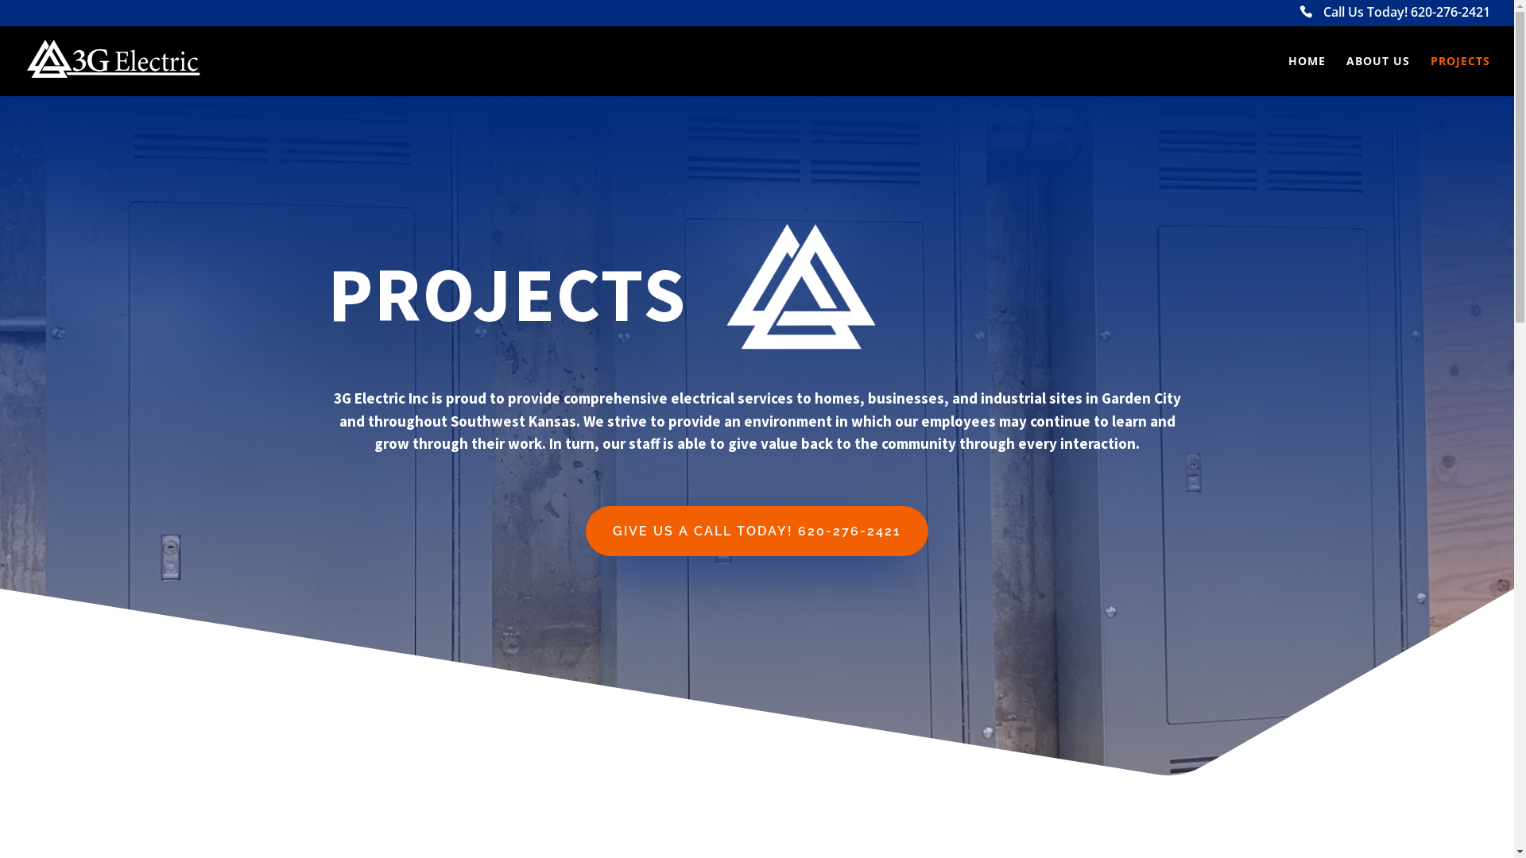 This screenshot has height=858, width=1526. Describe the element at coordinates (756, 531) in the screenshot. I see `'GIVE US A CALL TODAY! 620-276-2421'` at that location.